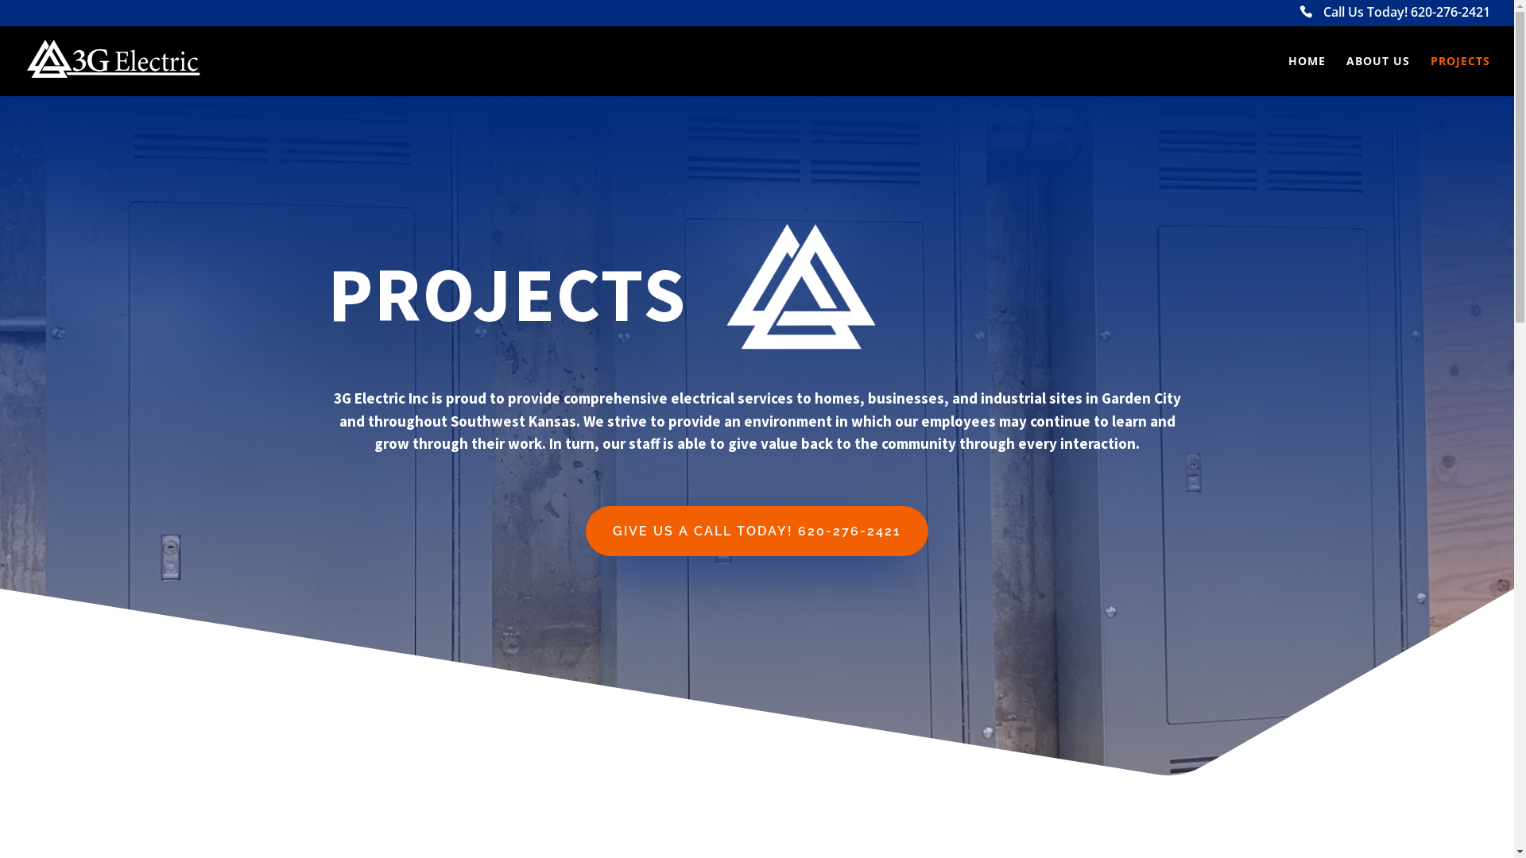 This screenshot has height=858, width=1526. Describe the element at coordinates (756, 531) in the screenshot. I see `'GIVE US A CALL TODAY! 620-276-2421'` at that location.